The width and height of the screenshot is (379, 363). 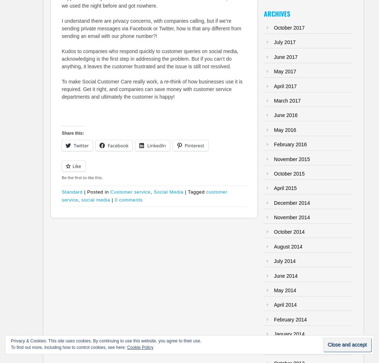 What do you see at coordinates (291, 348) in the screenshot?
I see `'November 2013'` at bounding box center [291, 348].